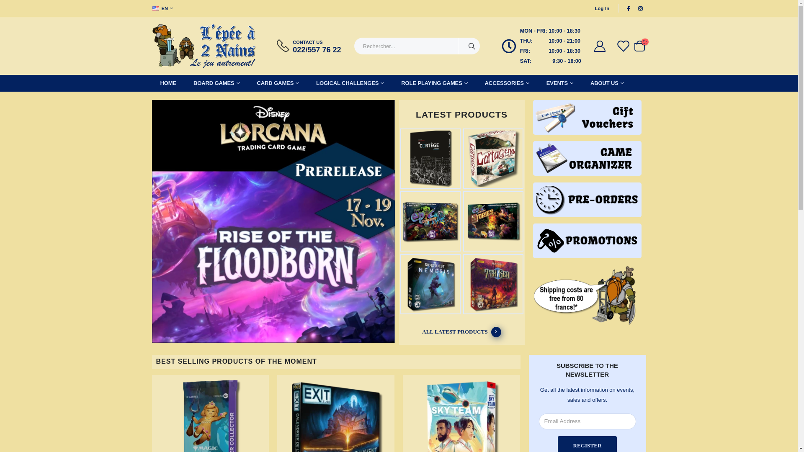 The image size is (804, 452). Describe the element at coordinates (602, 8) in the screenshot. I see `'Log In'` at that location.